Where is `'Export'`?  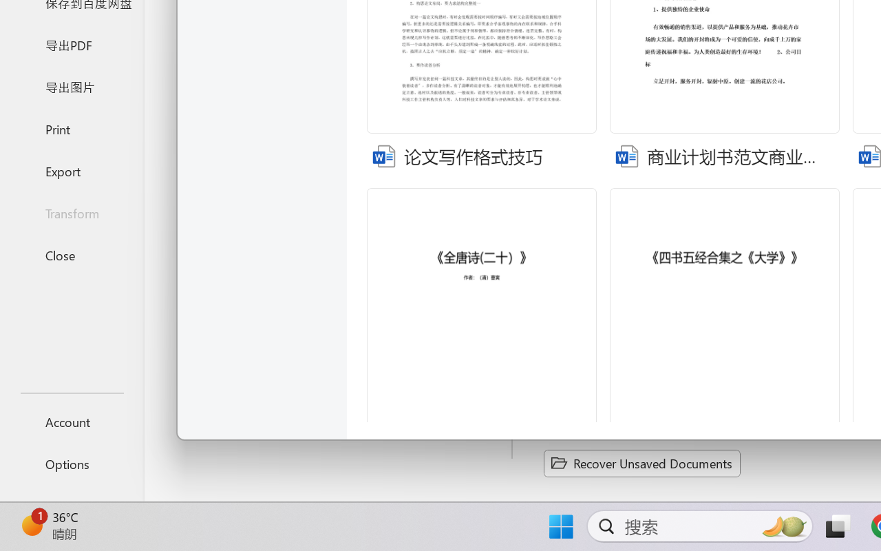 'Export' is located at coordinates (71, 170).